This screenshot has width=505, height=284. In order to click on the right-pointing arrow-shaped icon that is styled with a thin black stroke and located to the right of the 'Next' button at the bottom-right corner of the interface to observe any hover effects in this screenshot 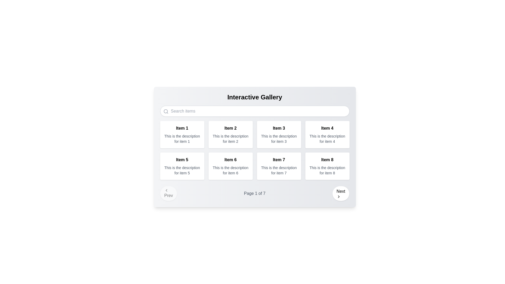, I will do `click(339, 197)`.